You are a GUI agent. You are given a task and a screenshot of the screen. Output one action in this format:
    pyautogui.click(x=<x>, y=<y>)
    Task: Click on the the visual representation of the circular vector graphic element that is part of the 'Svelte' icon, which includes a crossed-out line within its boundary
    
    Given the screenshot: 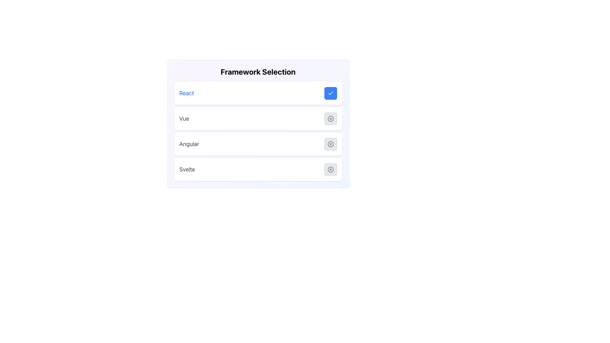 What is the action you would take?
    pyautogui.click(x=330, y=169)
    